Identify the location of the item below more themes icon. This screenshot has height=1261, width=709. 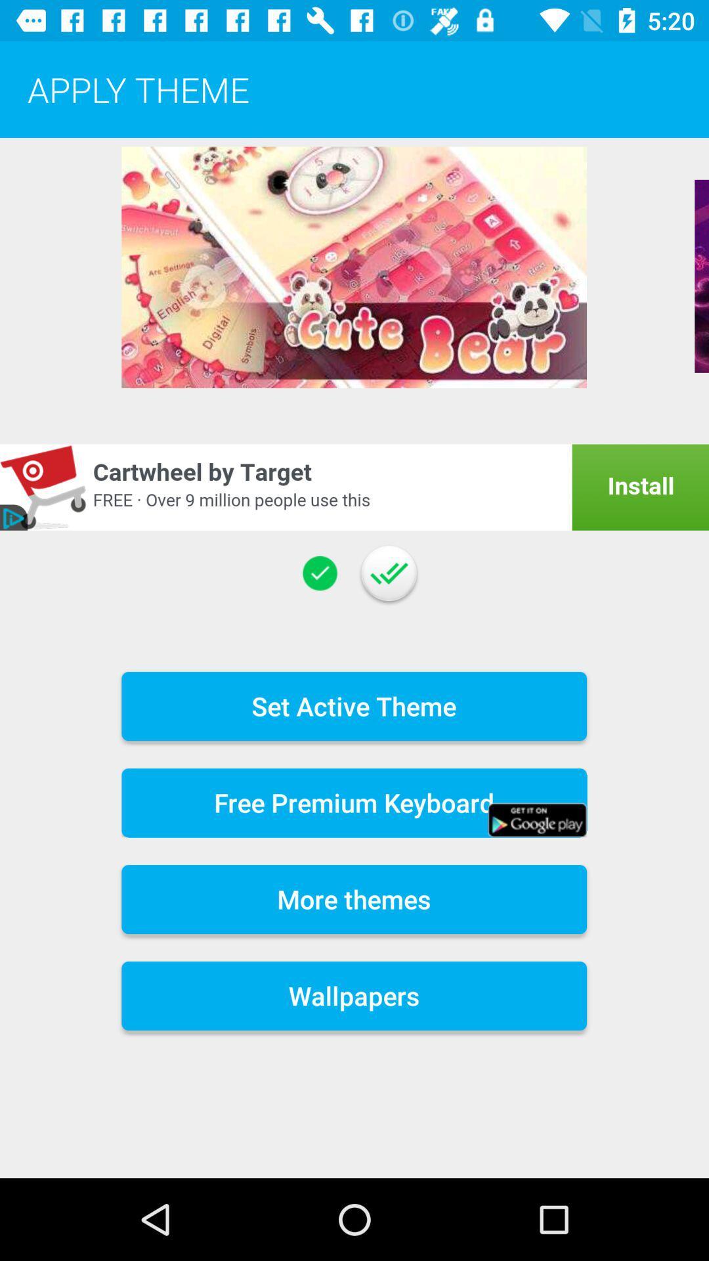
(353, 996).